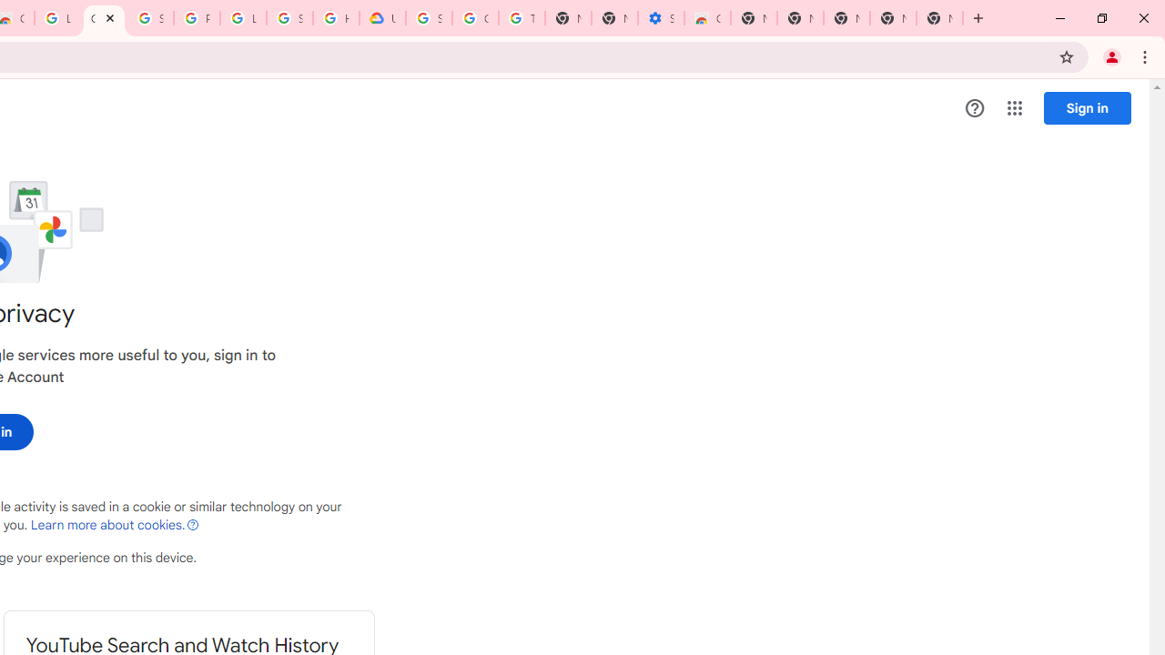 Image resolution: width=1165 pixels, height=655 pixels. What do you see at coordinates (150, 18) in the screenshot?
I see `'Sign in - Google Accounts'` at bounding box center [150, 18].